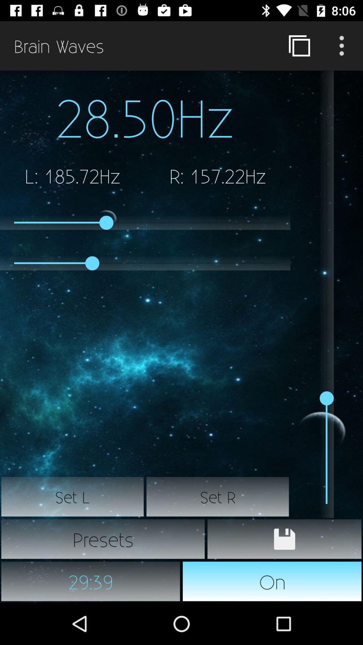  What do you see at coordinates (272, 581) in the screenshot?
I see `the item to the right of the 29:39 item` at bounding box center [272, 581].